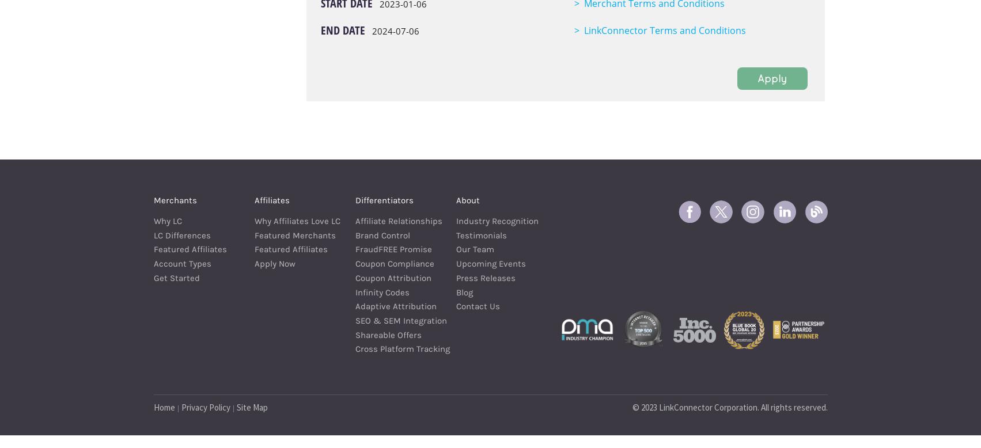 Image resolution: width=981 pixels, height=448 pixels. Describe the element at coordinates (354, 221) in the screenshot. I see `'Affiliate Relationships'` at that location.